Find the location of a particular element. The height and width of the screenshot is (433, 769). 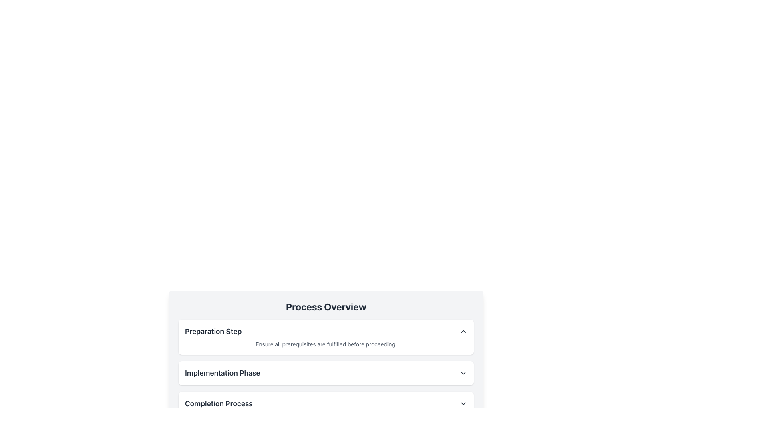

the 'Completion Process' dropdown accordion title is located at coordinates (326, 403).